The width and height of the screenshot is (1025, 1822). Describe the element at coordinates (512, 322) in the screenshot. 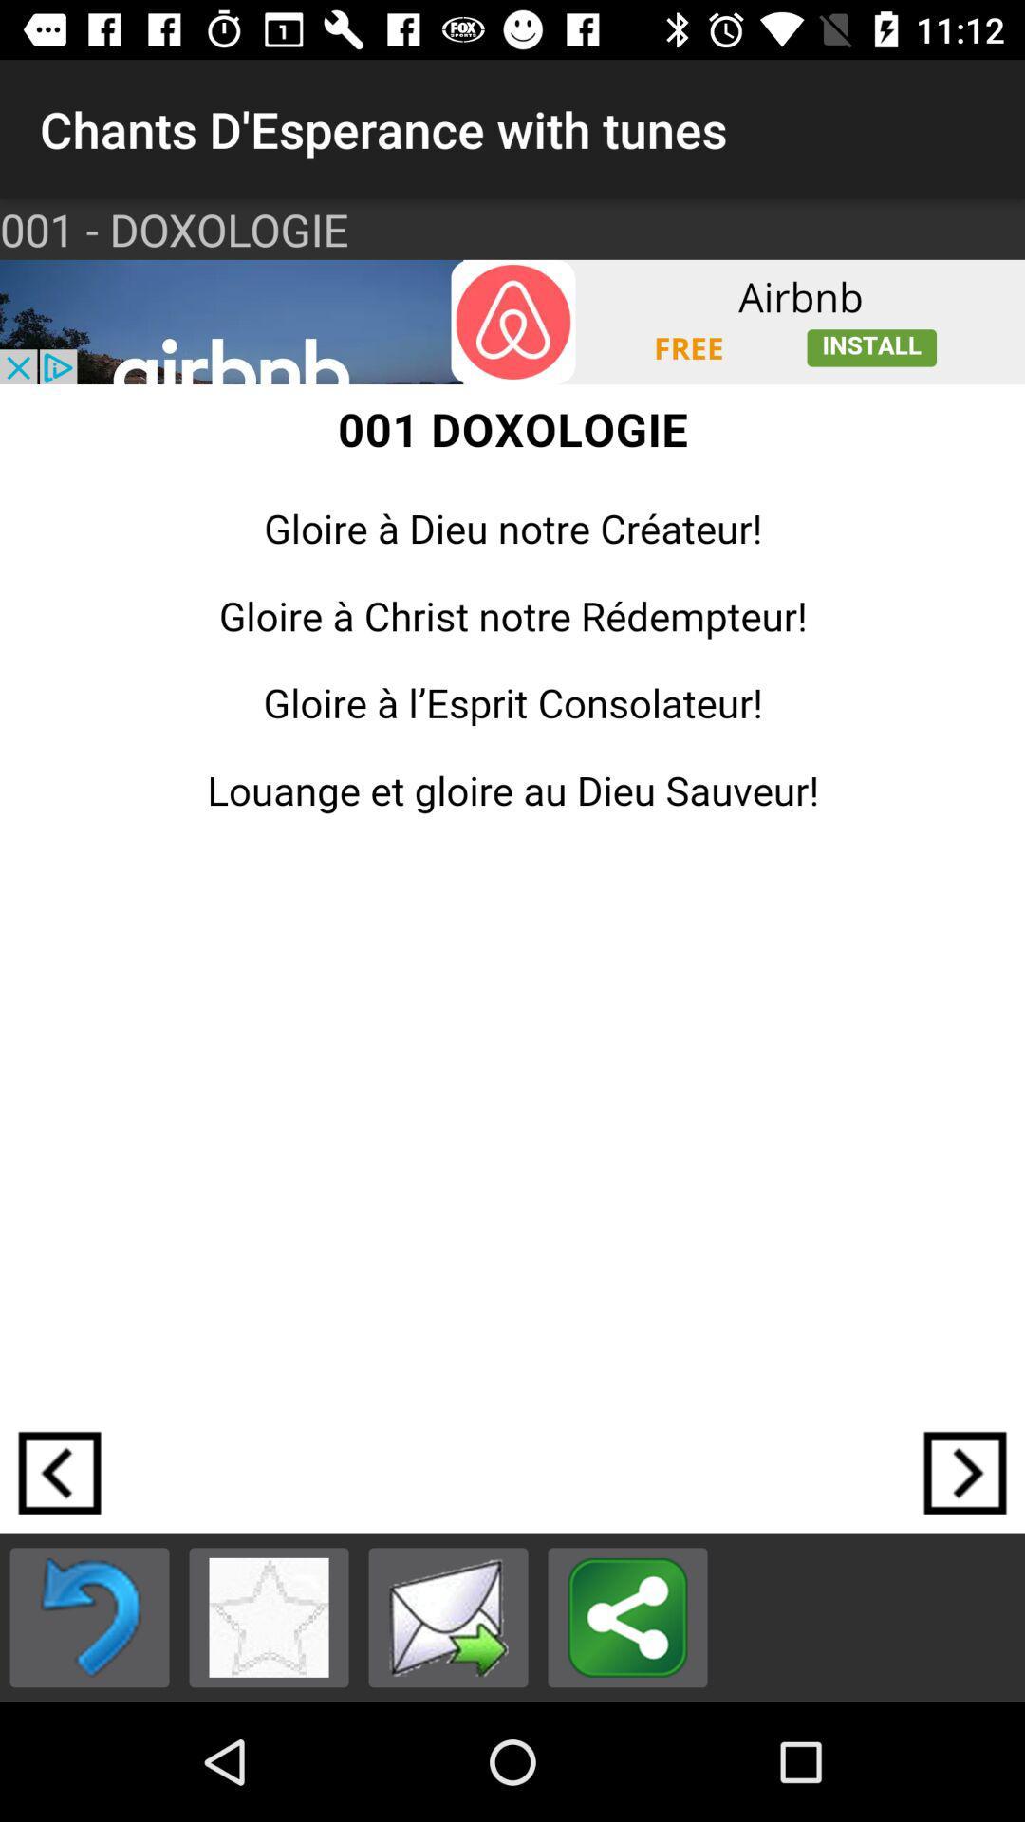

I see `advertisement website` at that location.